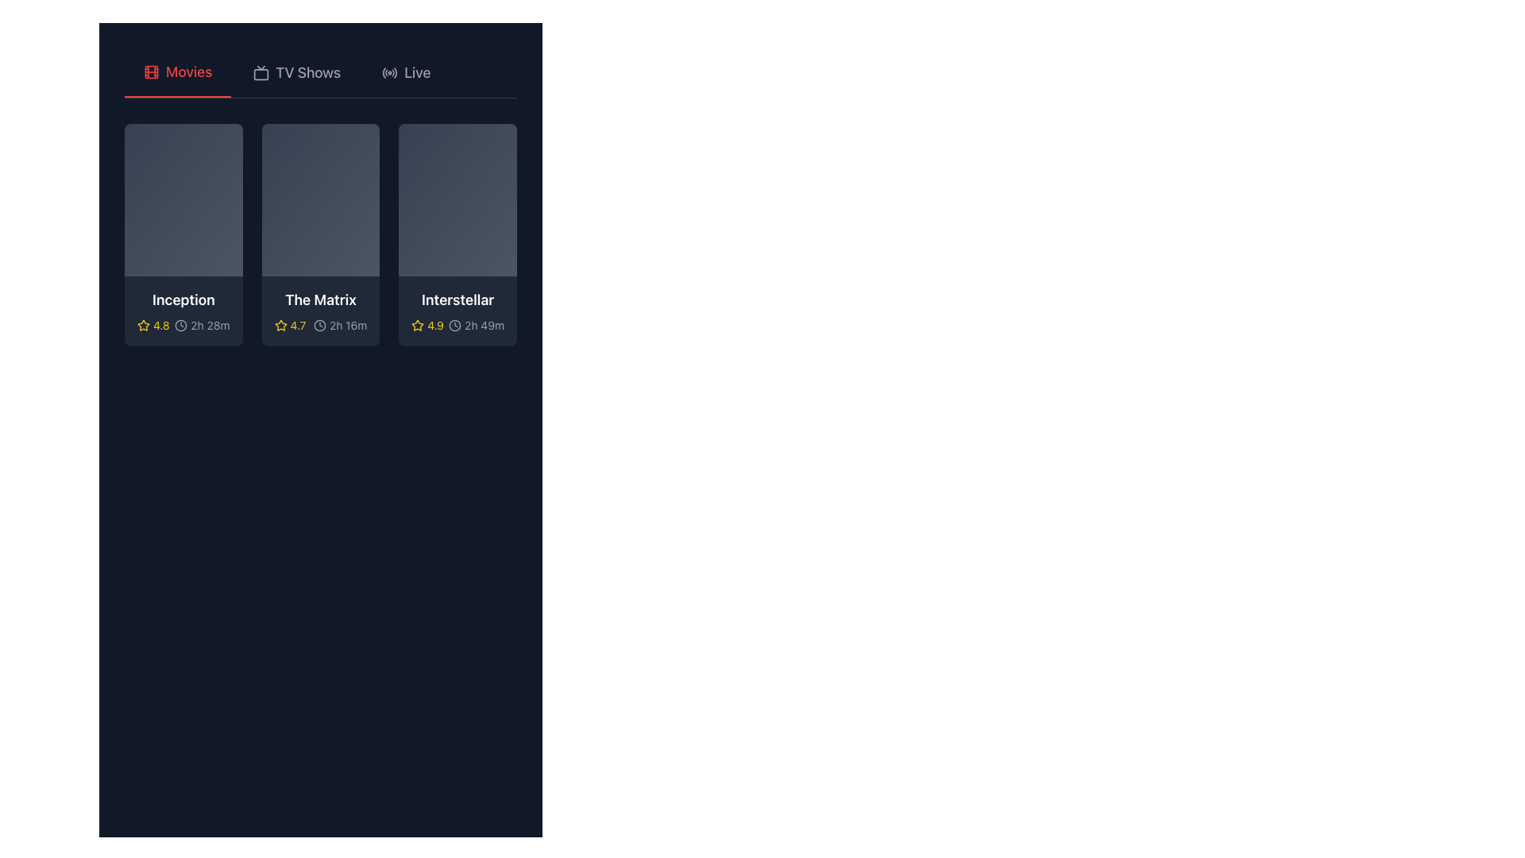  I want to click on label displaying the movie duration '2h 16m' in gray text, located in the description section of the second card for the movie 'The Matrix', positioned to the right of the clock icon under the movie's rating, so click(347, 324).